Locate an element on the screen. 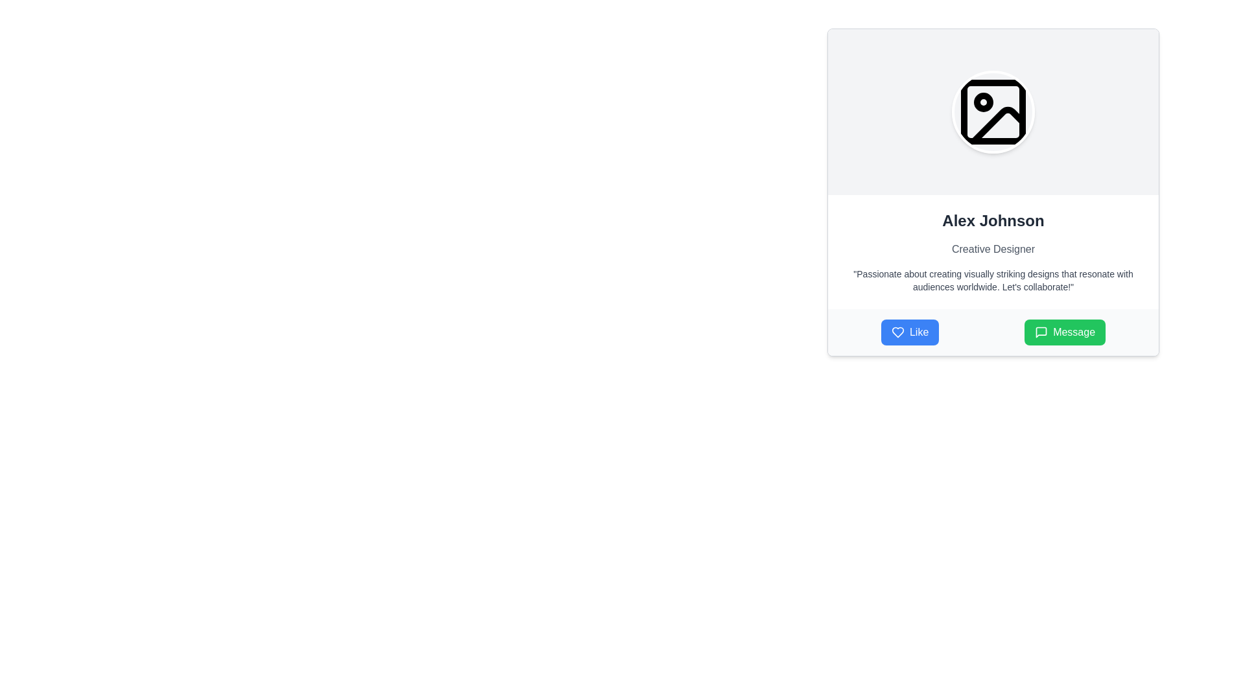 The height and width of the screenshot is (700, 1245). the graphical circle element that serves as an indicator within the user profile avatar, which is centered within the avatar image and slightly offset to the top-left is located at coordinates (983, 102).